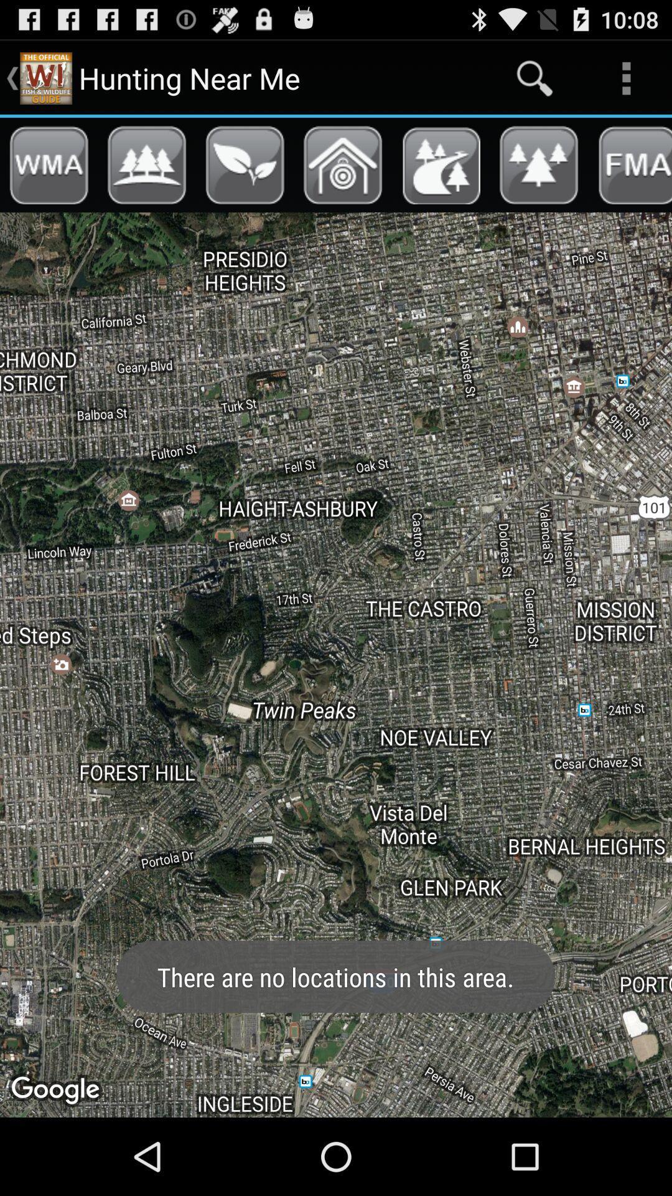 The width and height of the screenshot is (672, 1196). I want to click on shooting ranges near me, so click(343, 164).